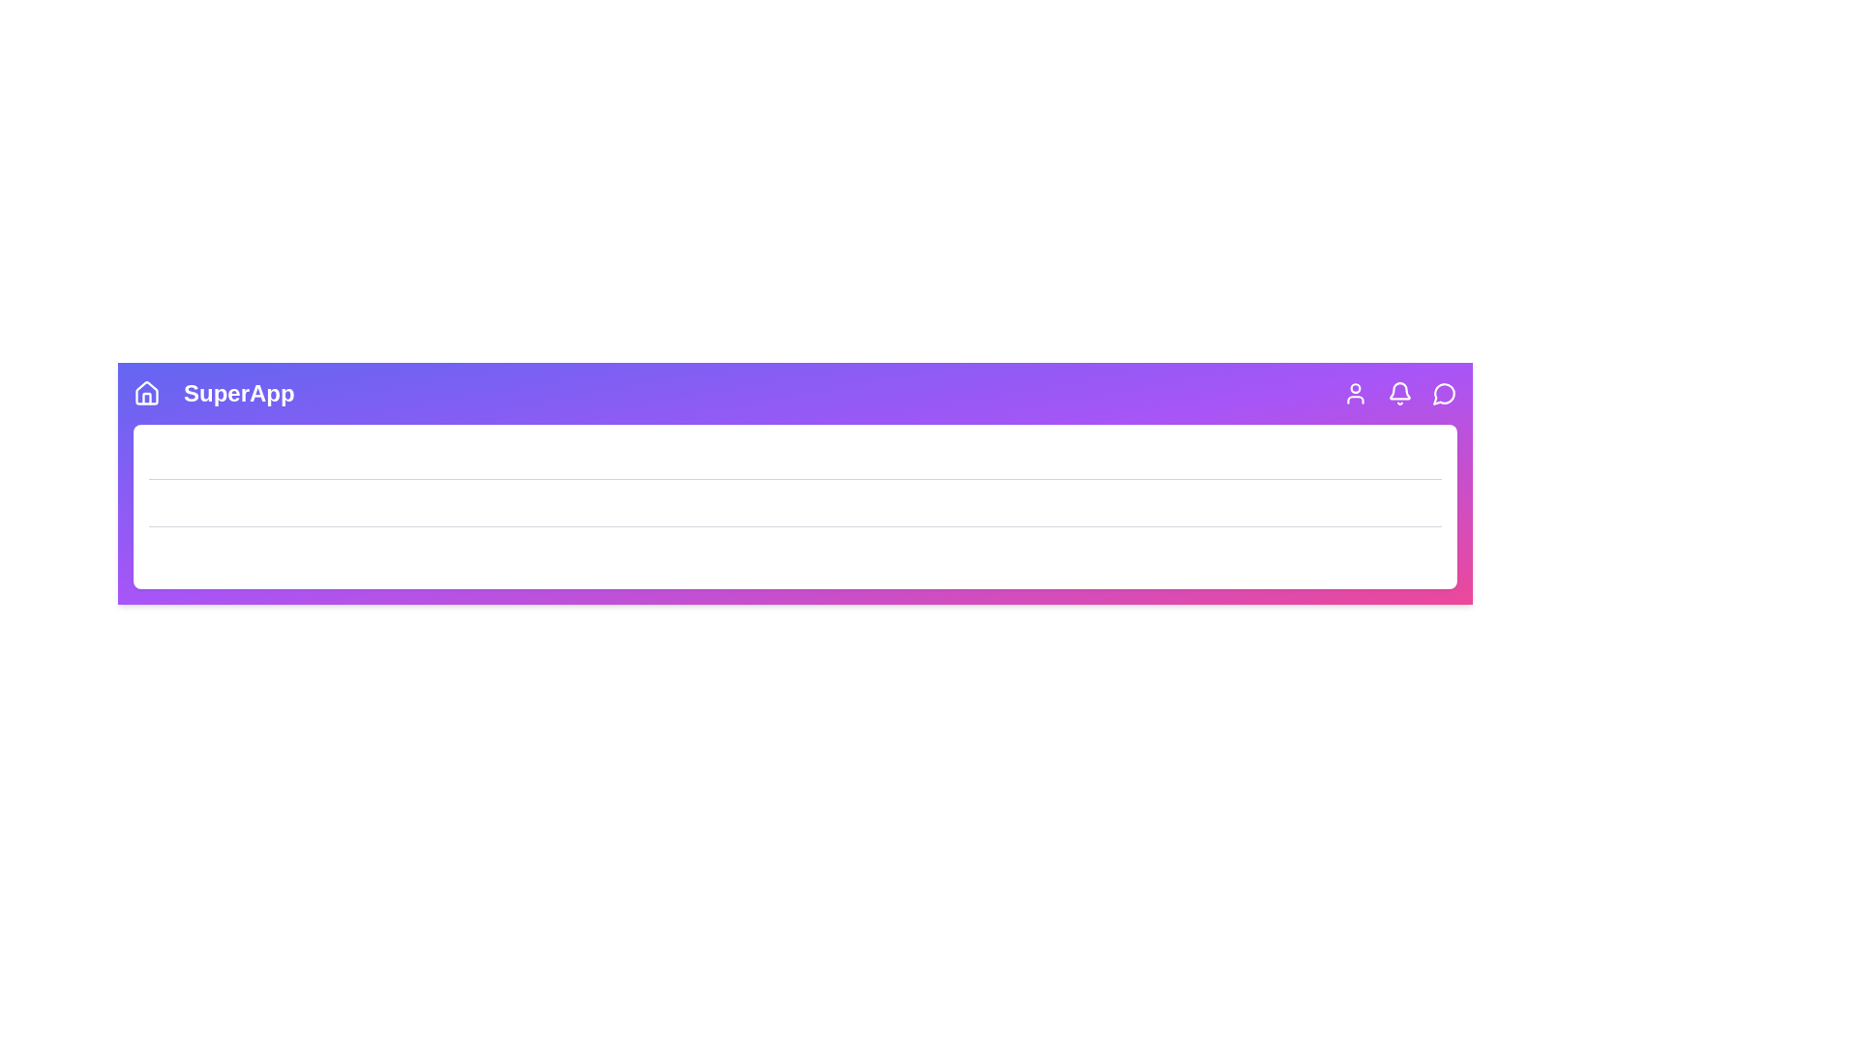 The image size is (1858, 1045). What do you see at coordinates (1444, 393) in the screenshot?
I see `the MessageCircle icon to see its hover effect` at bounding box center [1444, 393].